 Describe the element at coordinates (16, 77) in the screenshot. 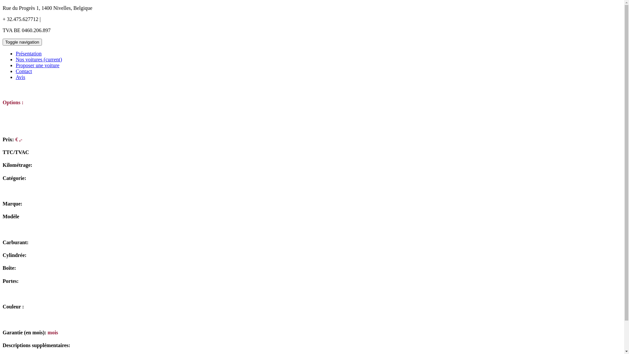

I see `'Avis'` at that location.